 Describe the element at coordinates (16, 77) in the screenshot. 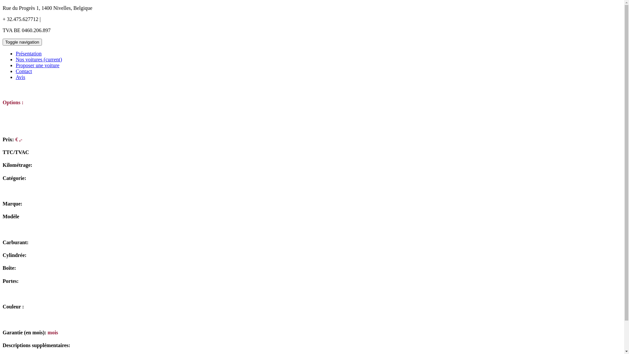

I see `'Avis'` at that location.